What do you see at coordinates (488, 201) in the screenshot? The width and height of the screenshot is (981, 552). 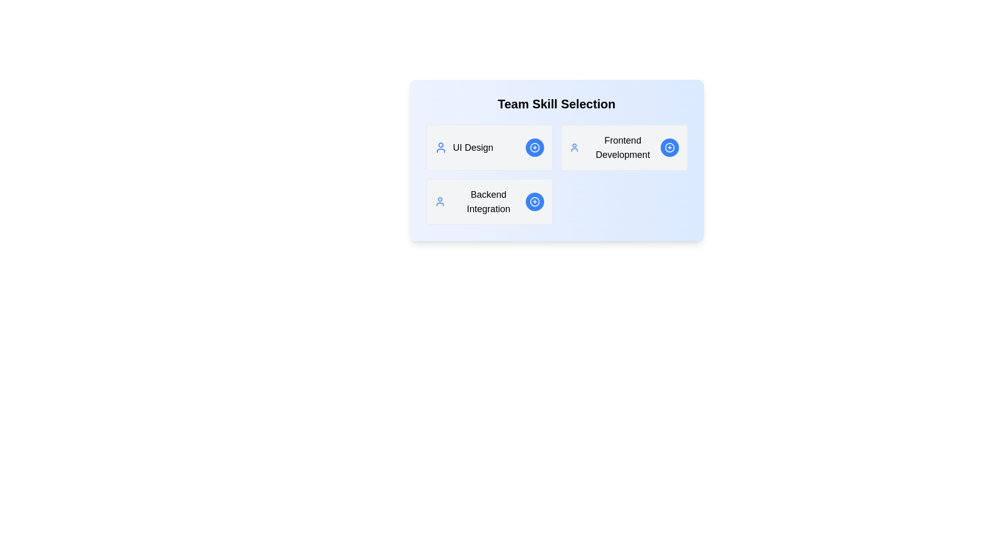 I see `the details of the skill Backend Integration` at bounding box center [488, 201].